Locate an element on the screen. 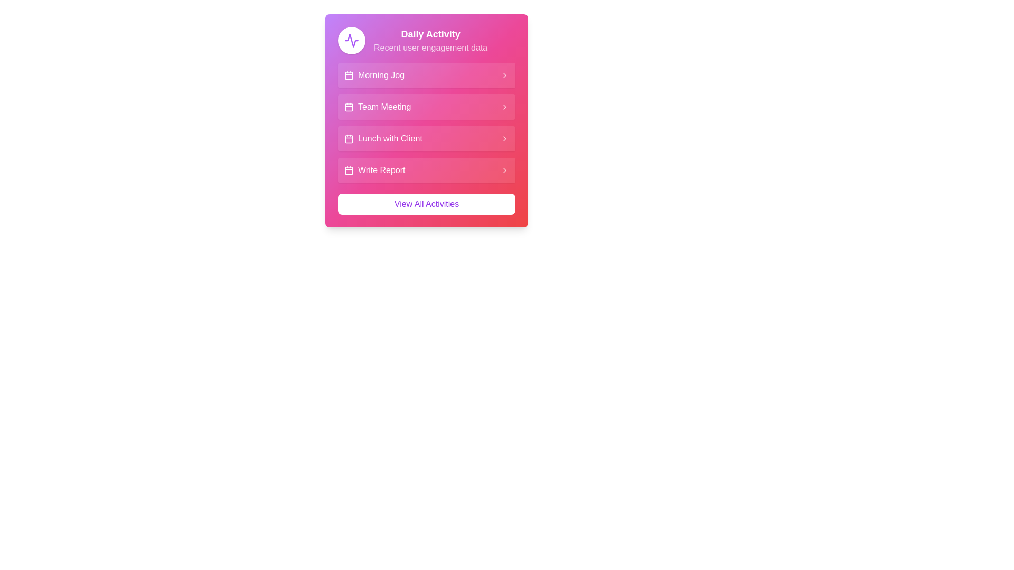  title and brief descriptor text block located at the top of the vertical card layout, which summarizes daily activity and engagement highlights is located at coordinates (426, 40).